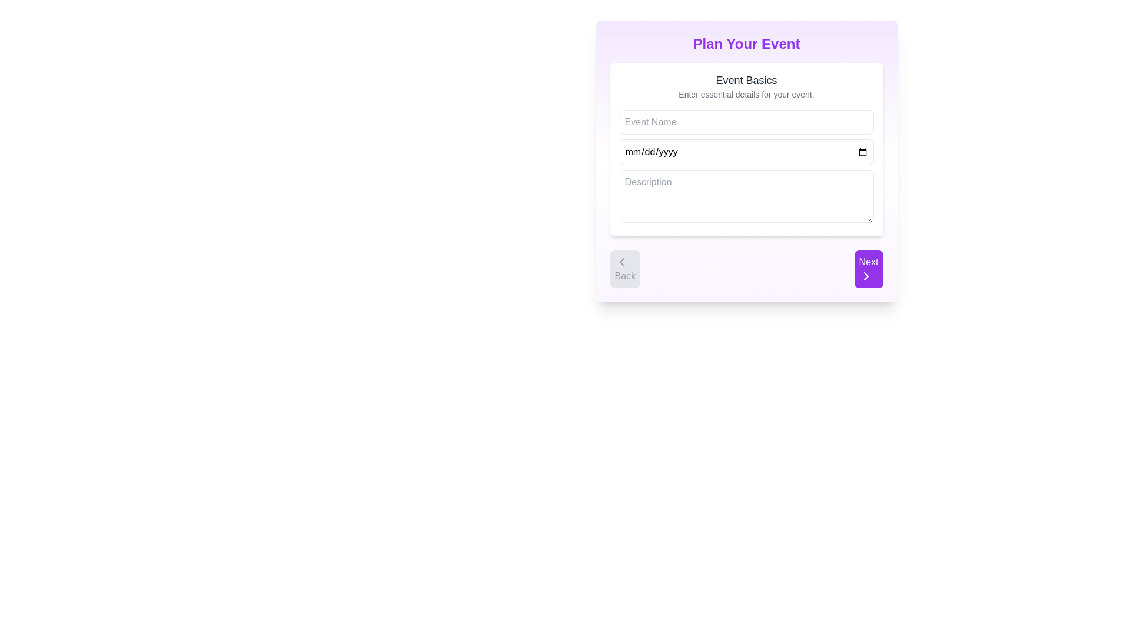  What do you see at coordinates (621, 262) in the screenshot?
I see `the back icon located inside the 'Back' button at the bottom left corner of the 'Plan Your Event' section` at bounding box center [621, 262].